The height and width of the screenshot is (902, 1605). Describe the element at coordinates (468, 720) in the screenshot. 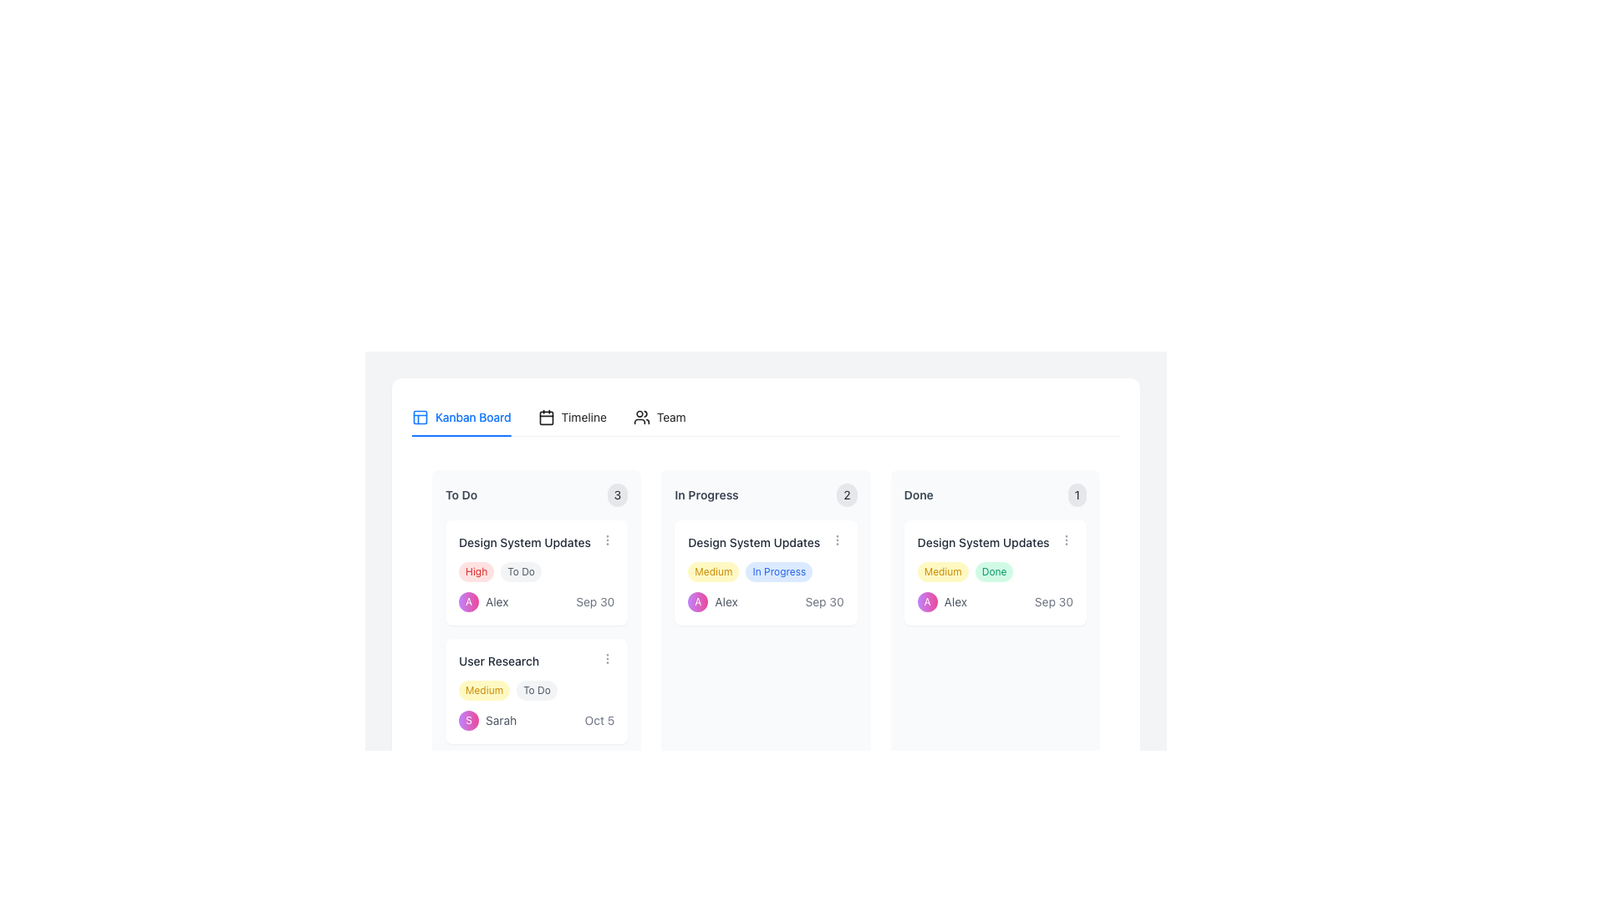

I see `the circular badge with a gradient background featuring a white 'S' at its center, located in the 'User Research' card in the 'To Do' section, near the name 'Sarah'` at that location.